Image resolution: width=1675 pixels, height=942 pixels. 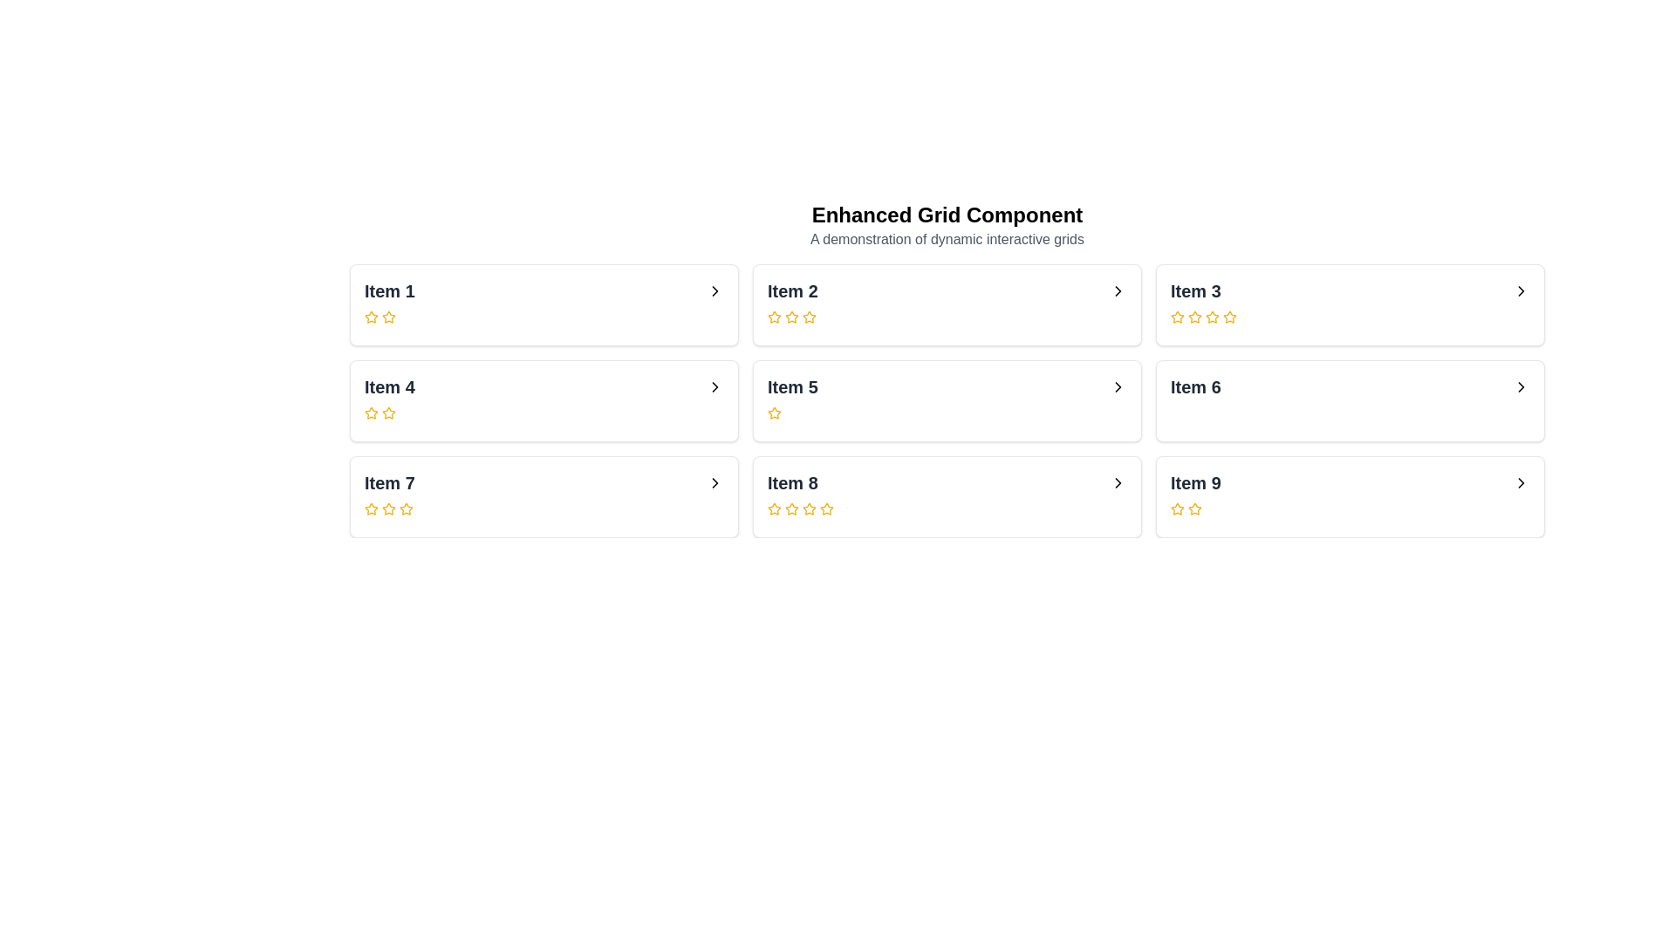 What do you see at coordinates (715, 483) in the screenshot?
I see `the rightward-pointing chevron icon at the end of the 'Item 7' list entry` at bounding box center [715, 483].